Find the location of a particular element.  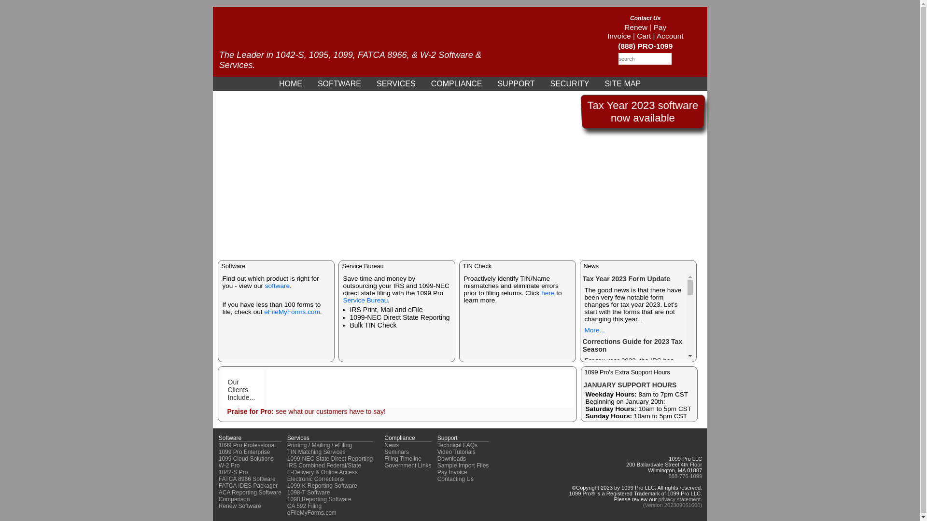

'FATCA IDES Packager' is located at coordinates (248, 485).